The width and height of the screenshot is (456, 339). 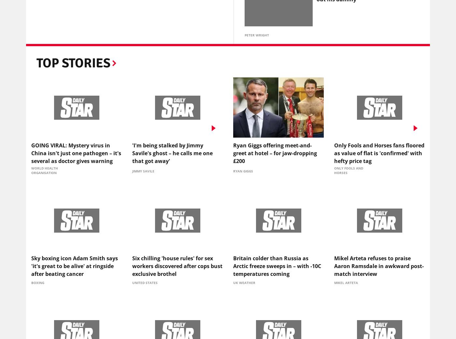 I want to click on 'More On', so click(x=63, y=38).